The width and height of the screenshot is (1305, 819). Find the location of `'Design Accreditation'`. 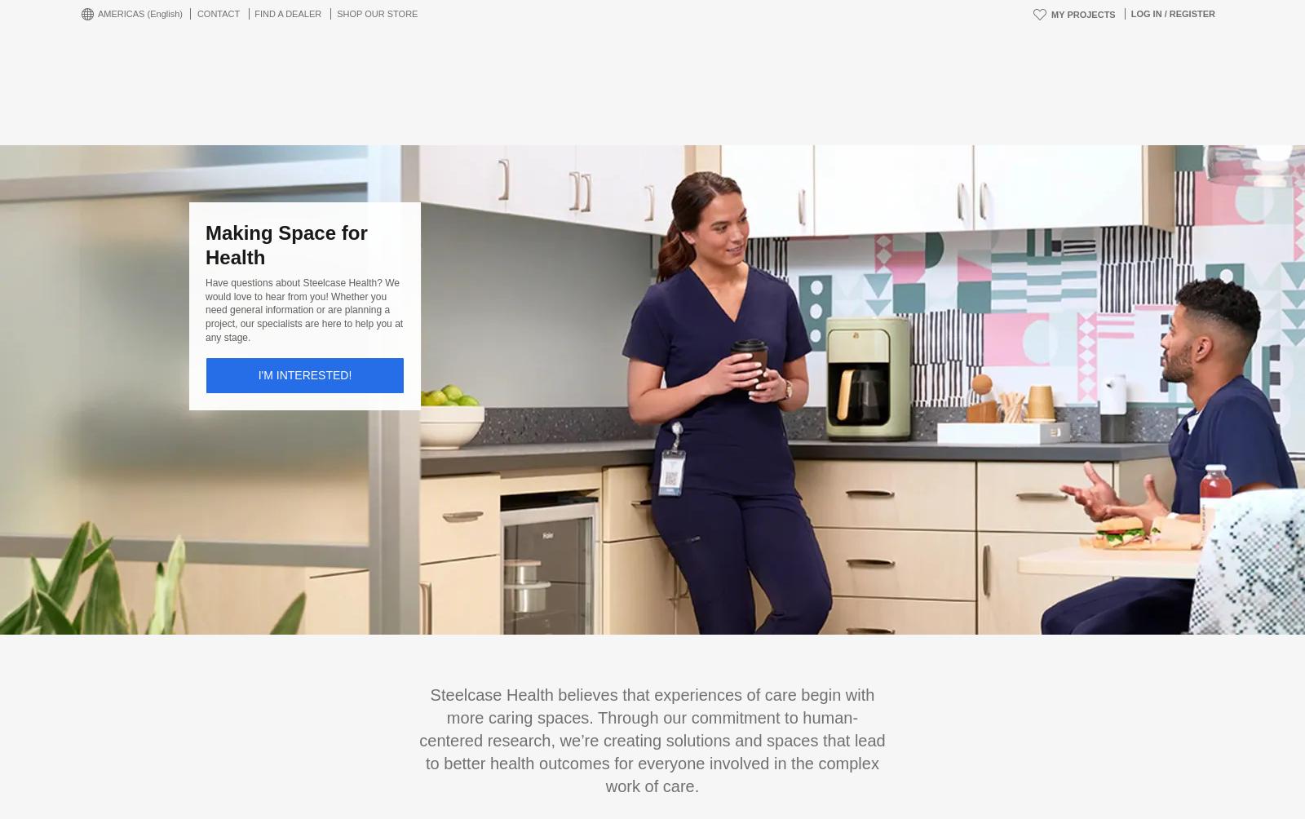

'Design Accreditation' is located at coordinates (572, 767).